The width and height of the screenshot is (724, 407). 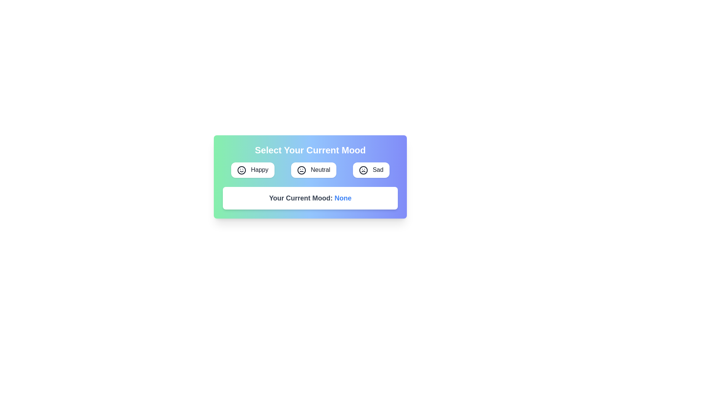 What do you see at coordinates (371, 170) in the screenshot?
I see `the 'Sad' button located in the bottom right of the mood selection section to change its appearance` at bounding box center [371, 170].